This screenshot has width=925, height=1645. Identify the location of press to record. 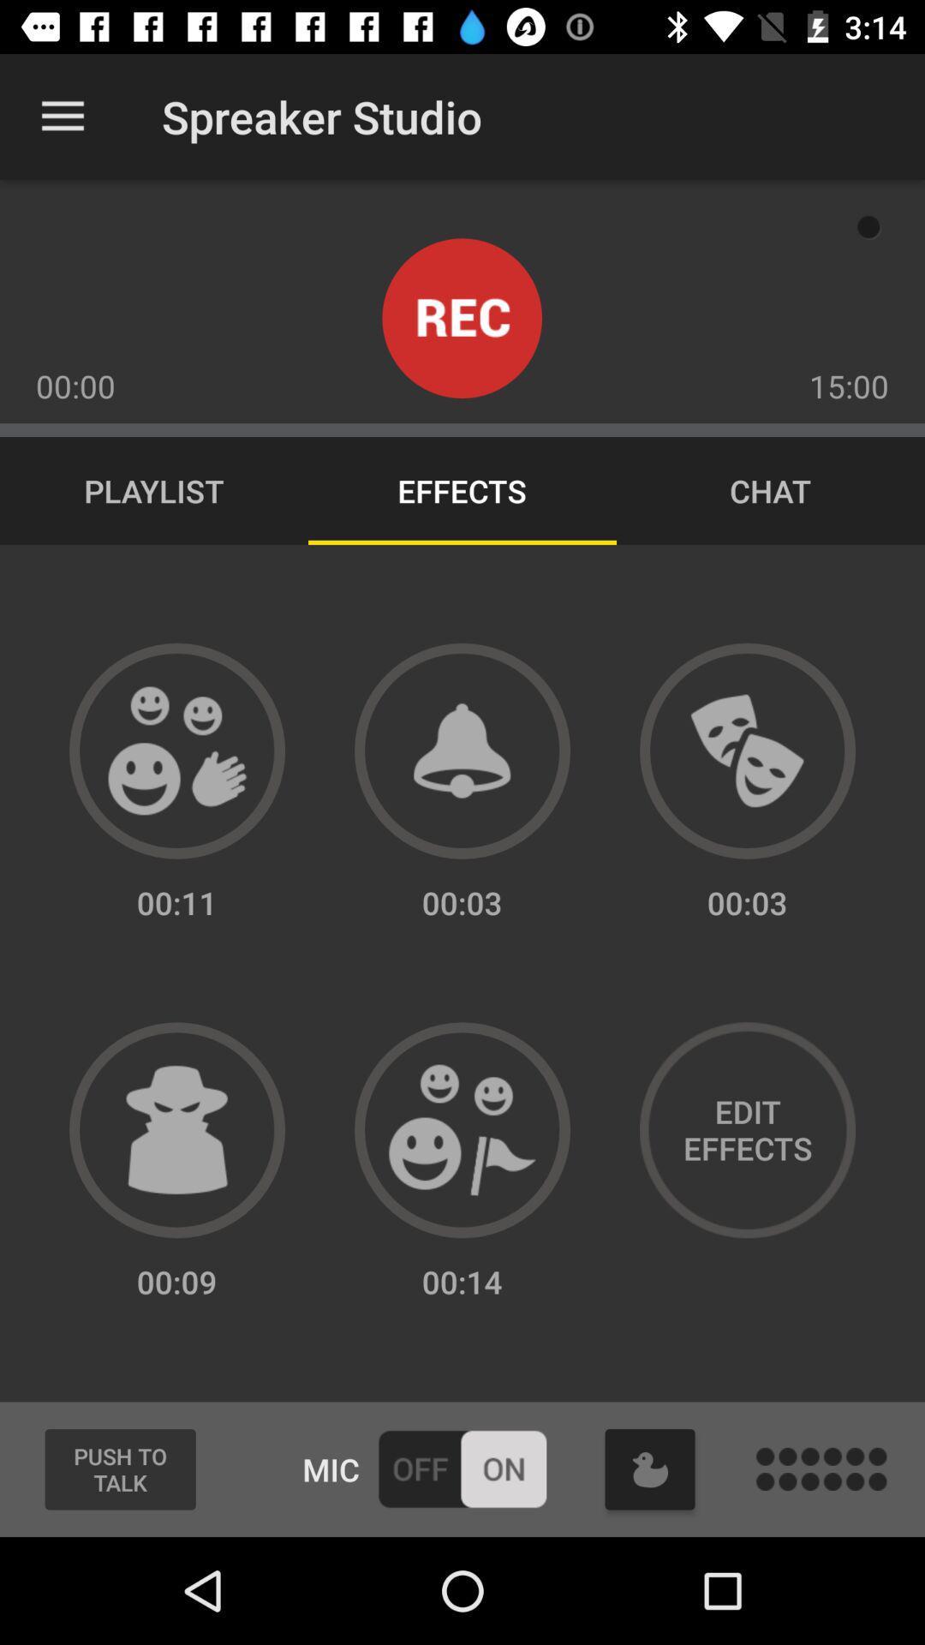
(461, 318).